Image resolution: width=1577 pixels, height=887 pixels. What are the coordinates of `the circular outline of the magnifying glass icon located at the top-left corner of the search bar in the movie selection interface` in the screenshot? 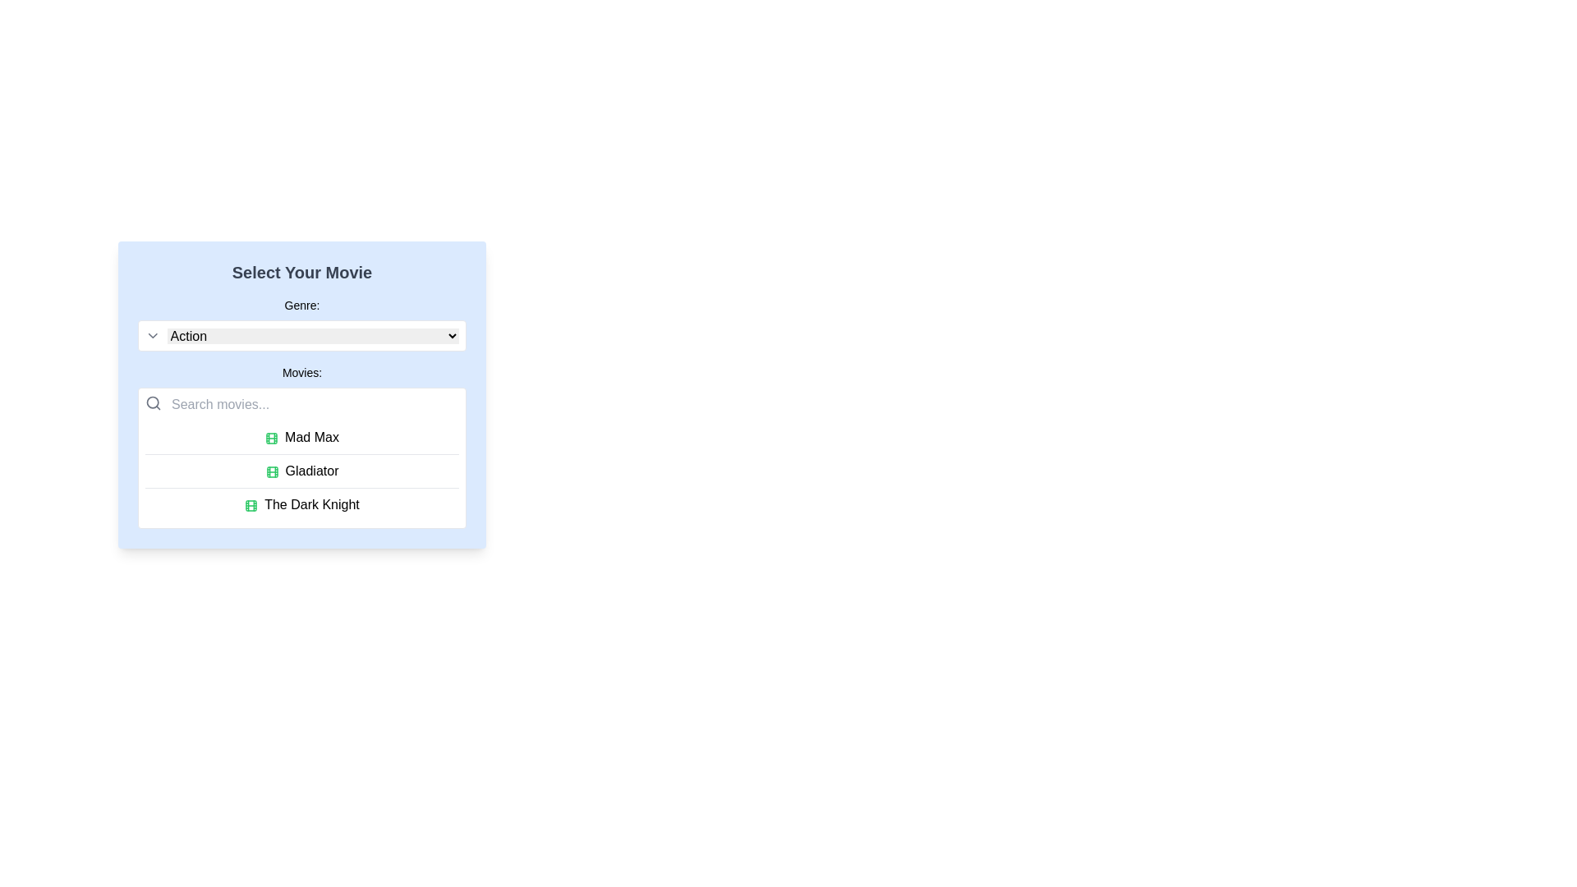 It's located at (153, 402).